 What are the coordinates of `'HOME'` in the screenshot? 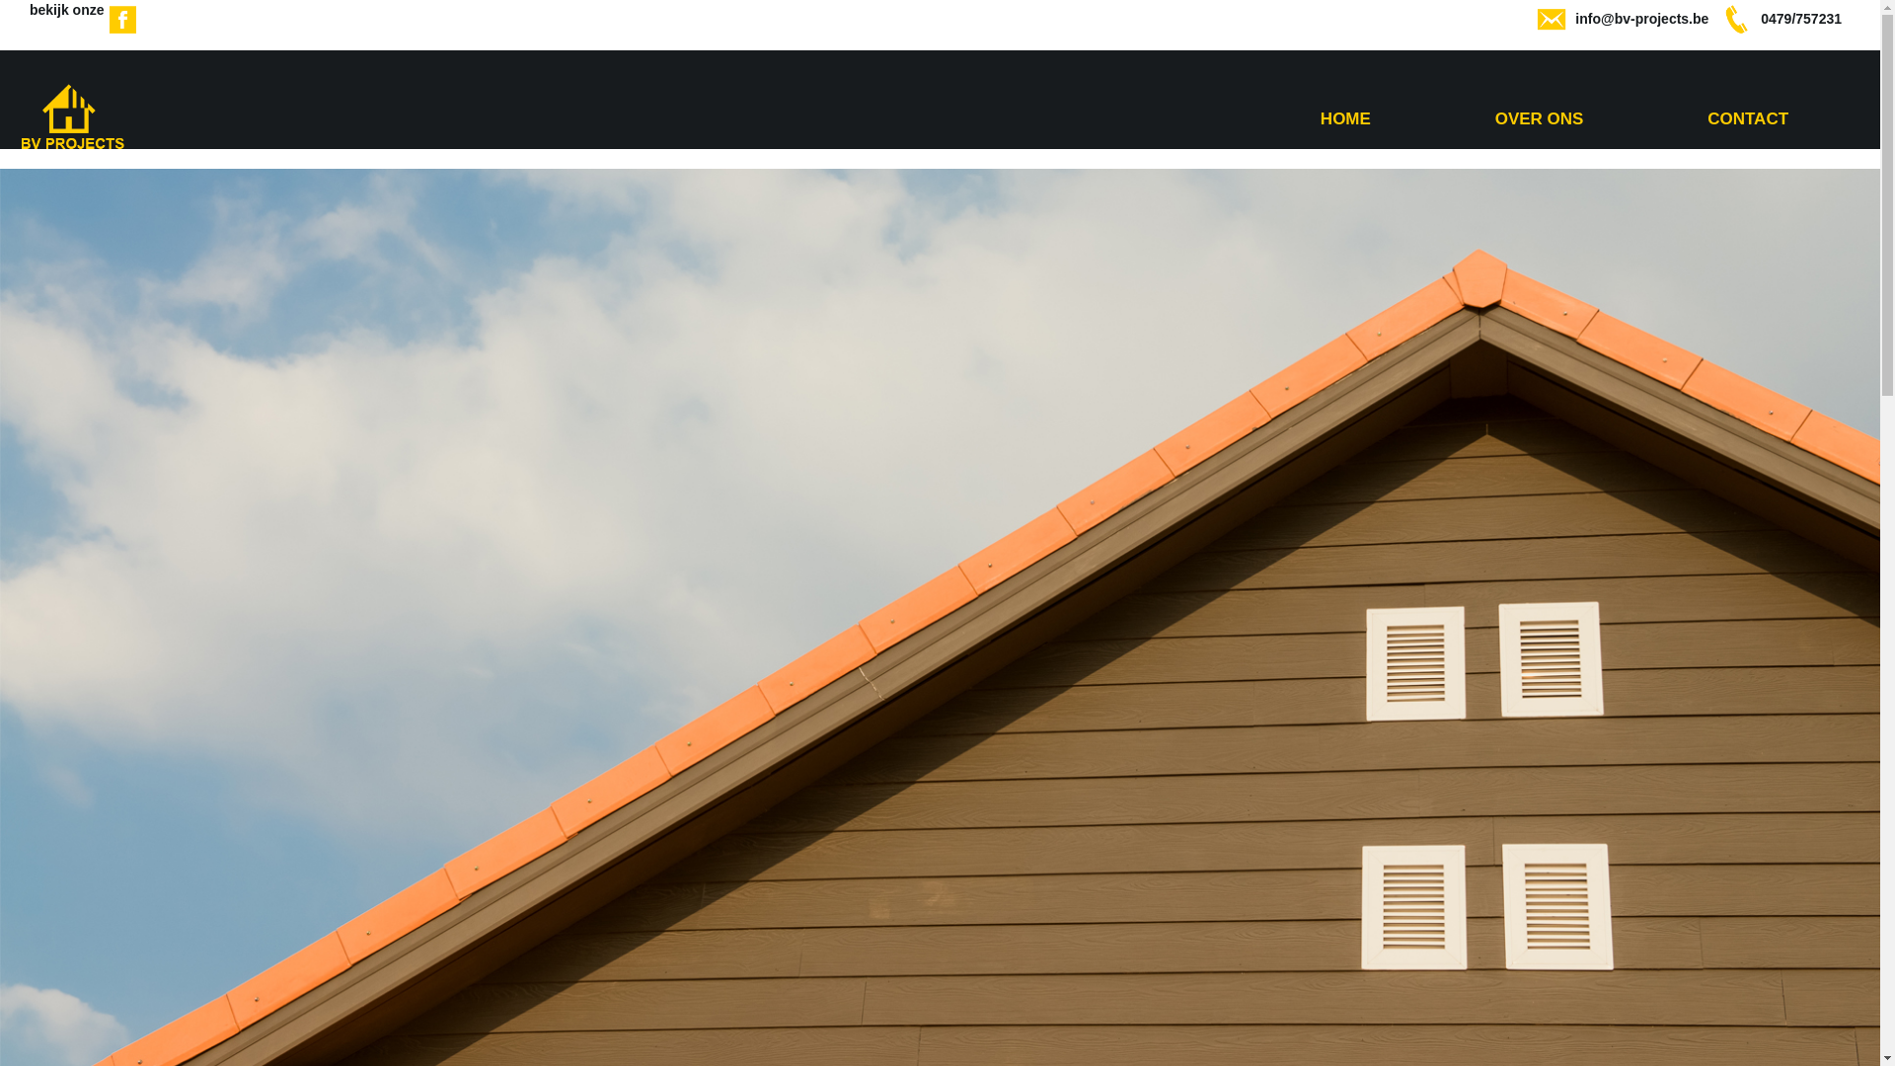 It's located at (1344, 118).